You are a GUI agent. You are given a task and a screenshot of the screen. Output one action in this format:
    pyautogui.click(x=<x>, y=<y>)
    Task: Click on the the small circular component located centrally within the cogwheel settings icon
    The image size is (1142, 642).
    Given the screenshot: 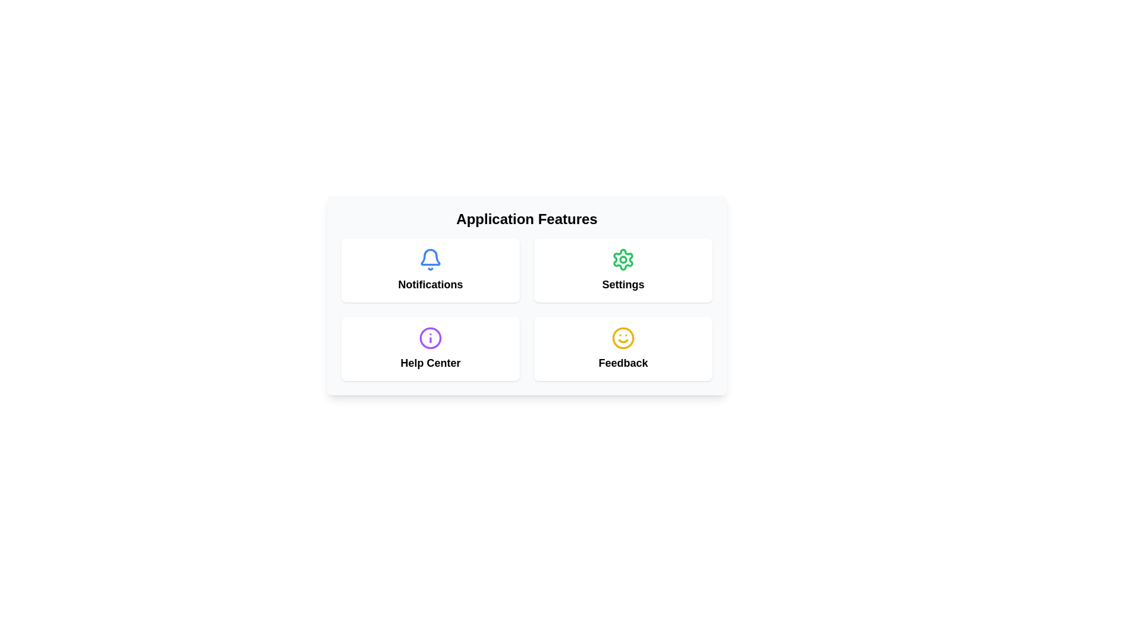 What is the action you would take?
    pyautogui.click(x=622, y=259)
    